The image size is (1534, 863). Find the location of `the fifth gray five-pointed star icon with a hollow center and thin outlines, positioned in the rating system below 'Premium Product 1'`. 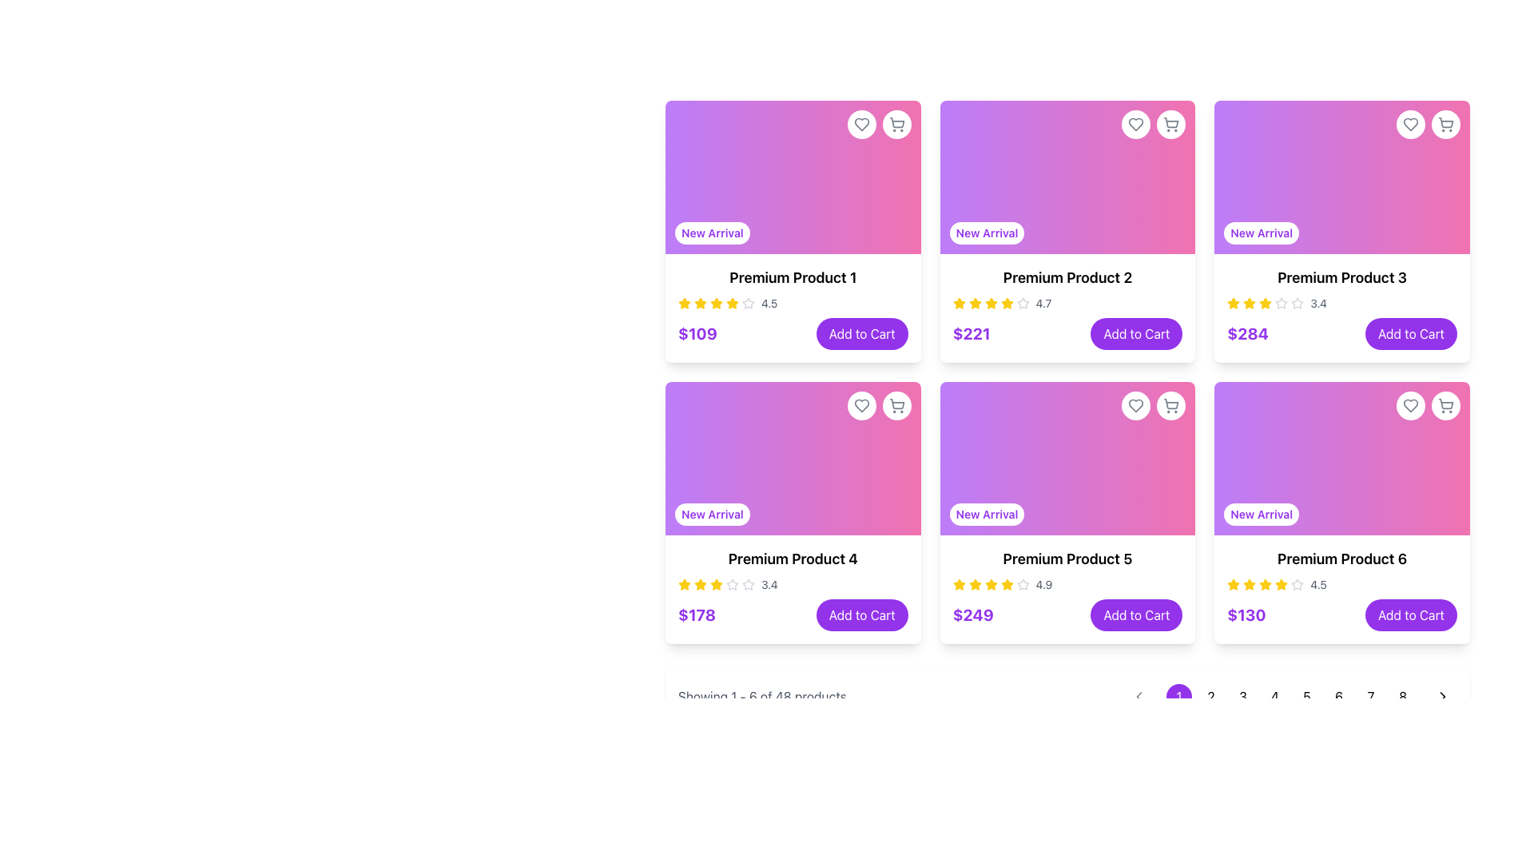

the fifth gray five-pointed star icon with a hollow center and thin outlines, positioned in the rating system below 'Premium Product 1' is located at coordinates (747, 304).